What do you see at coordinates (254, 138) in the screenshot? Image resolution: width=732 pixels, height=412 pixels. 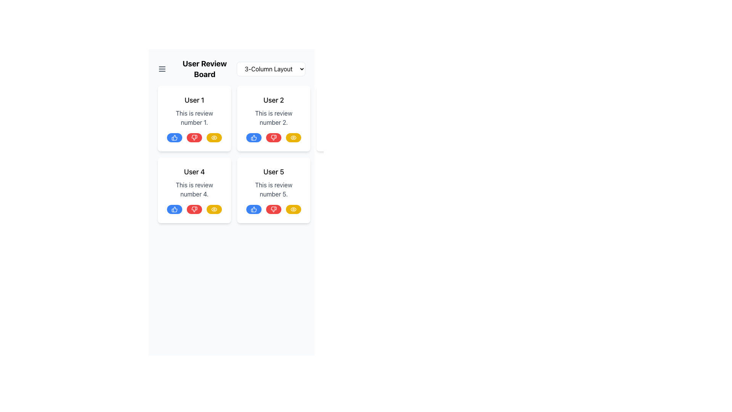 I see `the blue circular button with a white thumbs-up icon to like the review, which is the first button among three at the bottom of the second user review card` at bounding box center [254, 138].